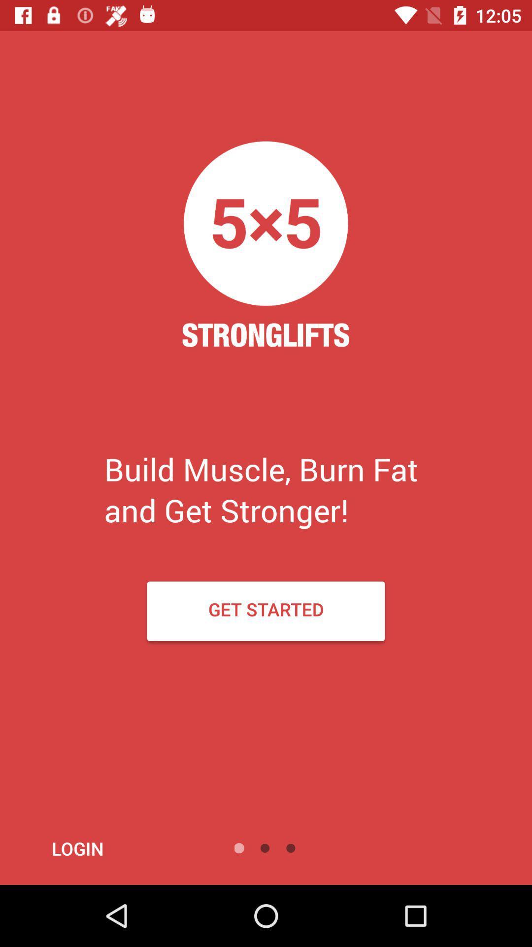 The width and height of the screenshot is (532, 947). What do you see at coordinates (266, 611) in the screenshot?
I see `the icon above the login` at bounding box center [266, 611].